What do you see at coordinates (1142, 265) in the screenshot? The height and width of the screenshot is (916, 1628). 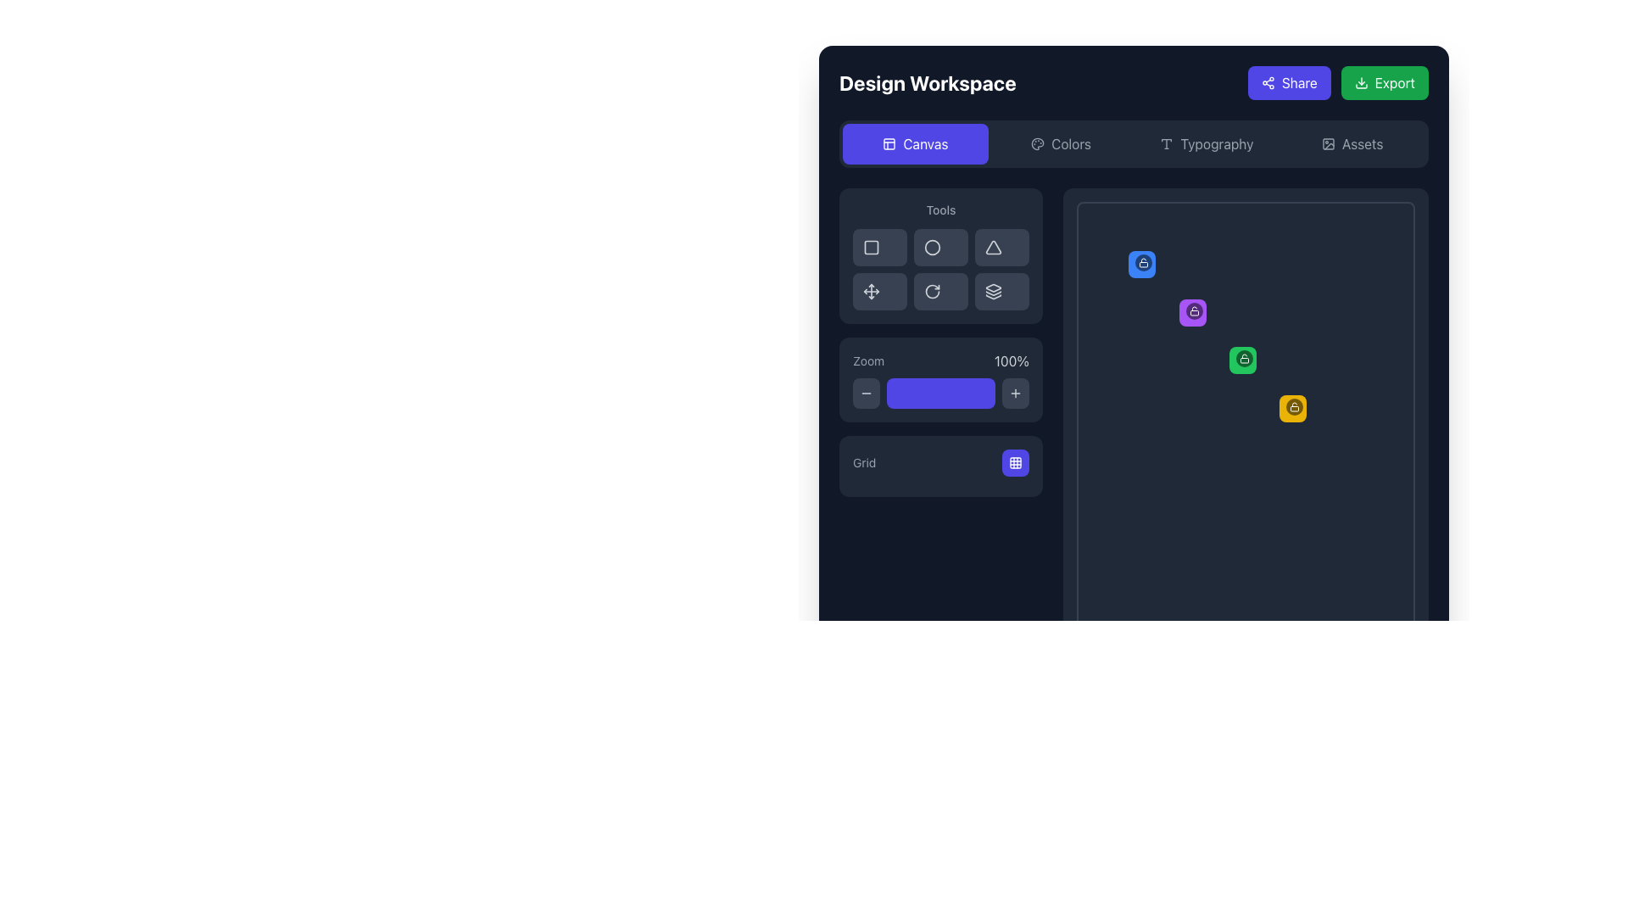 I see `the blue rounded square icon with a white open lock icon, located at the top-left of the workspace grid` at bounding box center [1142, 265].